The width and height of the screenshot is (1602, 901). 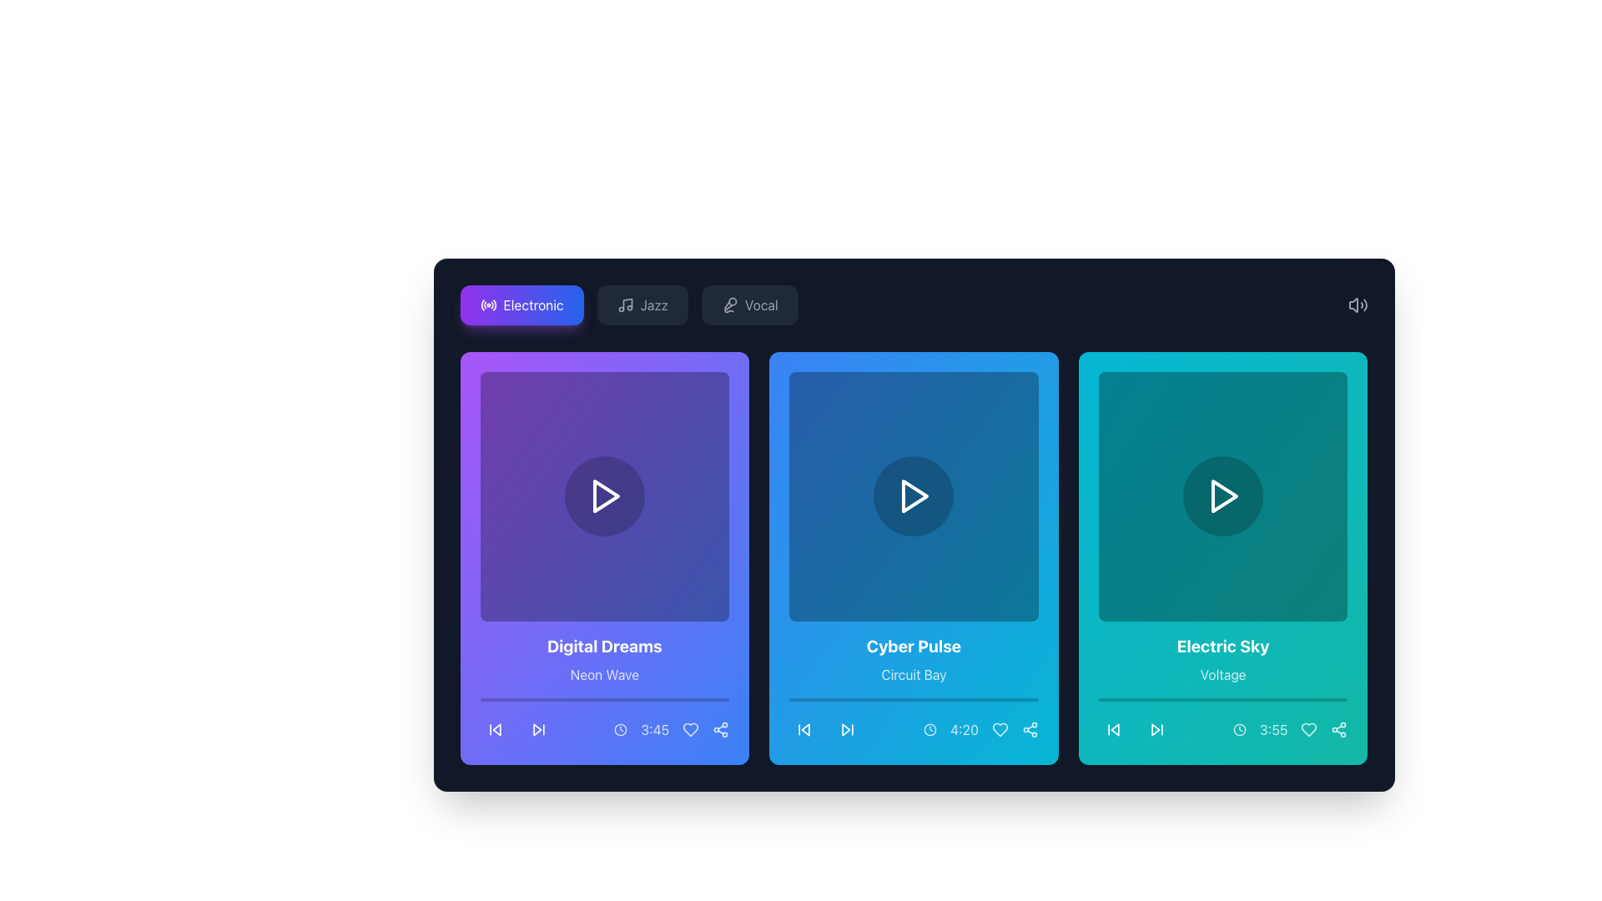 What do you see at coordinates (691, 728) in the screenshot?
I see `the heart-shaped like button located beside the time indicator '3:45' at the bottom of the first music card` at bounding box center [691, 728].